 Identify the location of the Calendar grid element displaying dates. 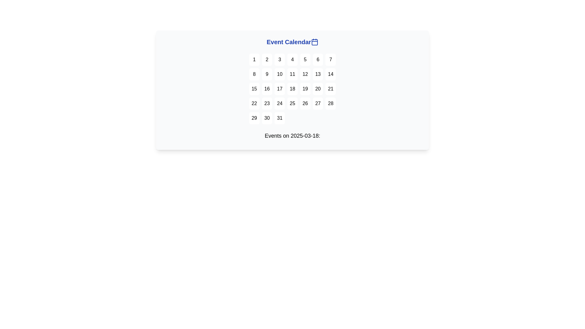
(292, 89).